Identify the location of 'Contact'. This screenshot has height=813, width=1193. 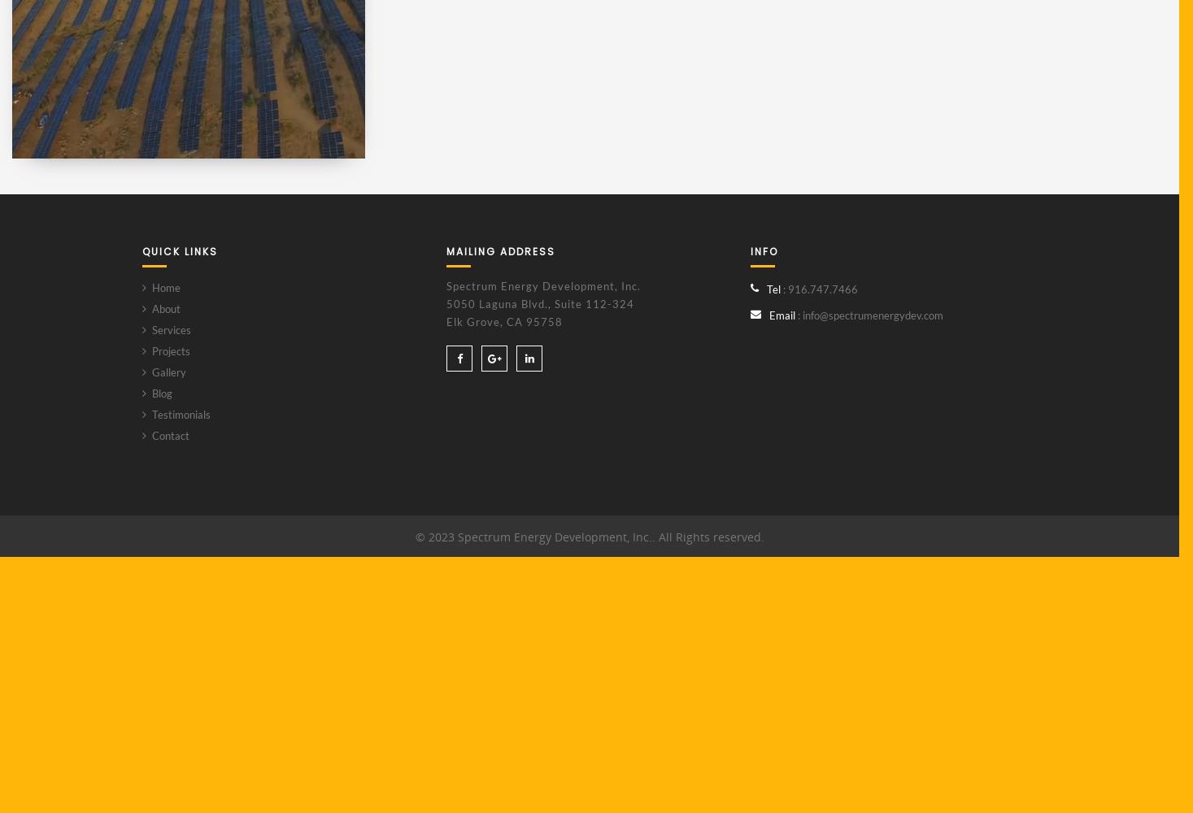
(170, 436).